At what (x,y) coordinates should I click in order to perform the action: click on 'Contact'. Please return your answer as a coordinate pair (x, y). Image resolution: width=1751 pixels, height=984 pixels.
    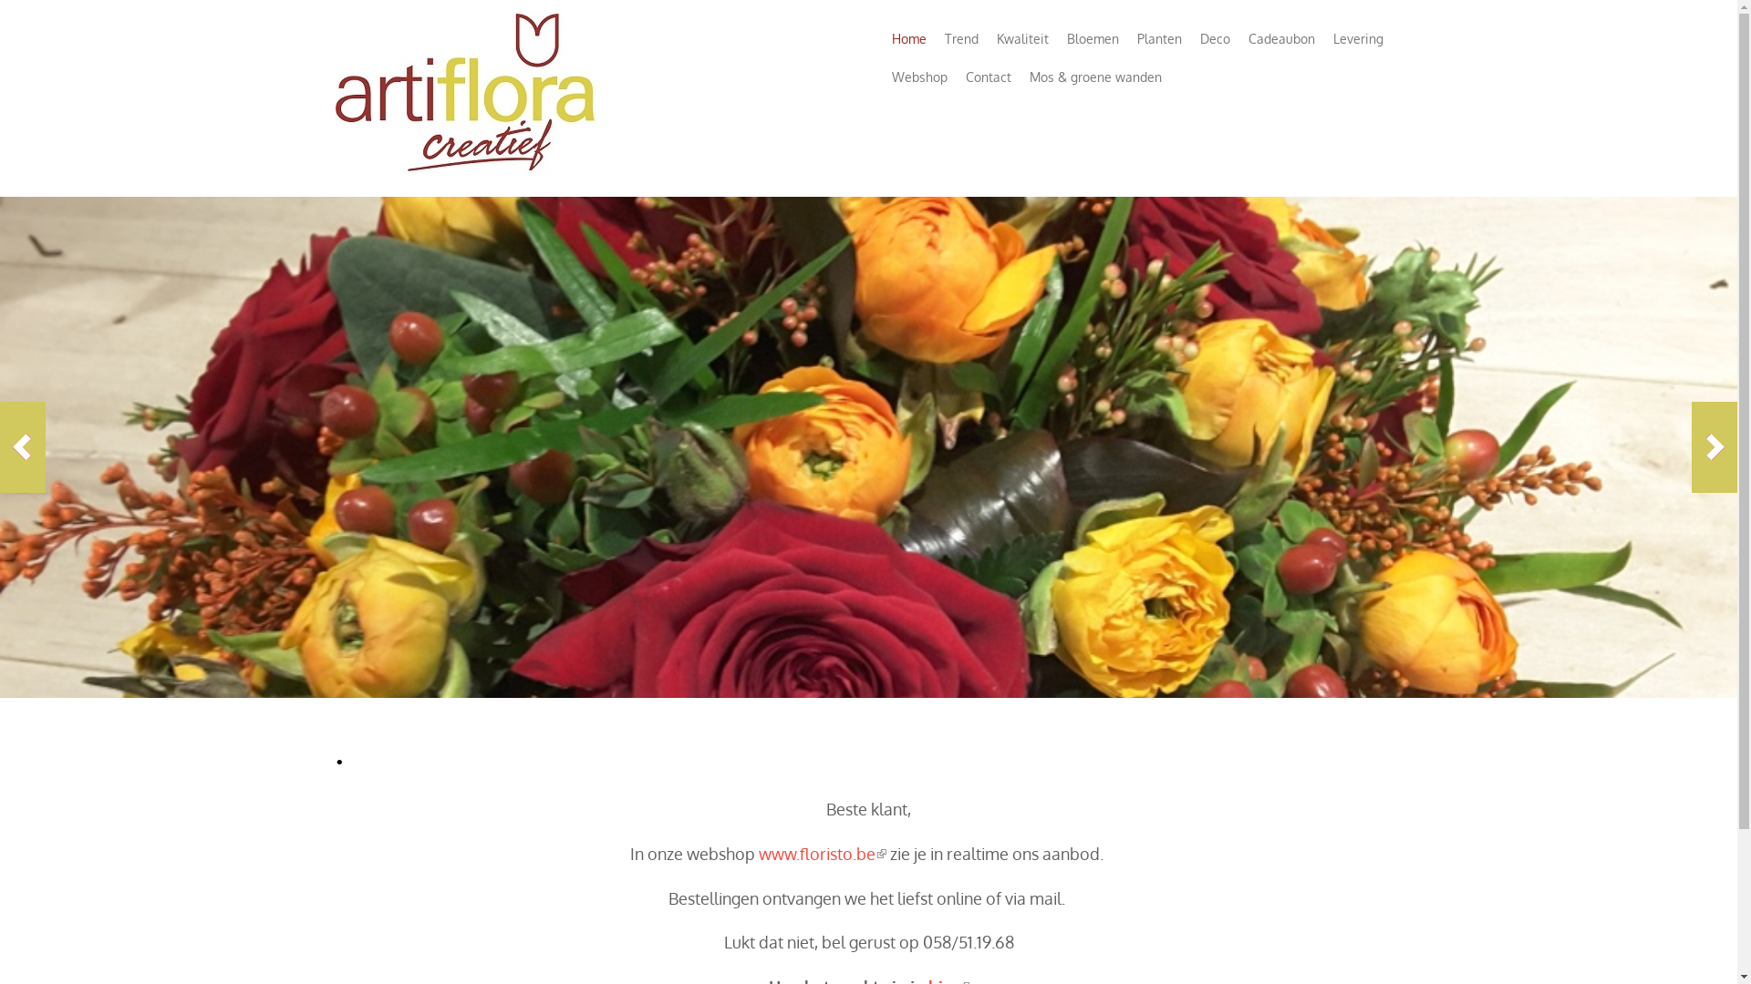
    Looking at the image, I should click on (987, 76).